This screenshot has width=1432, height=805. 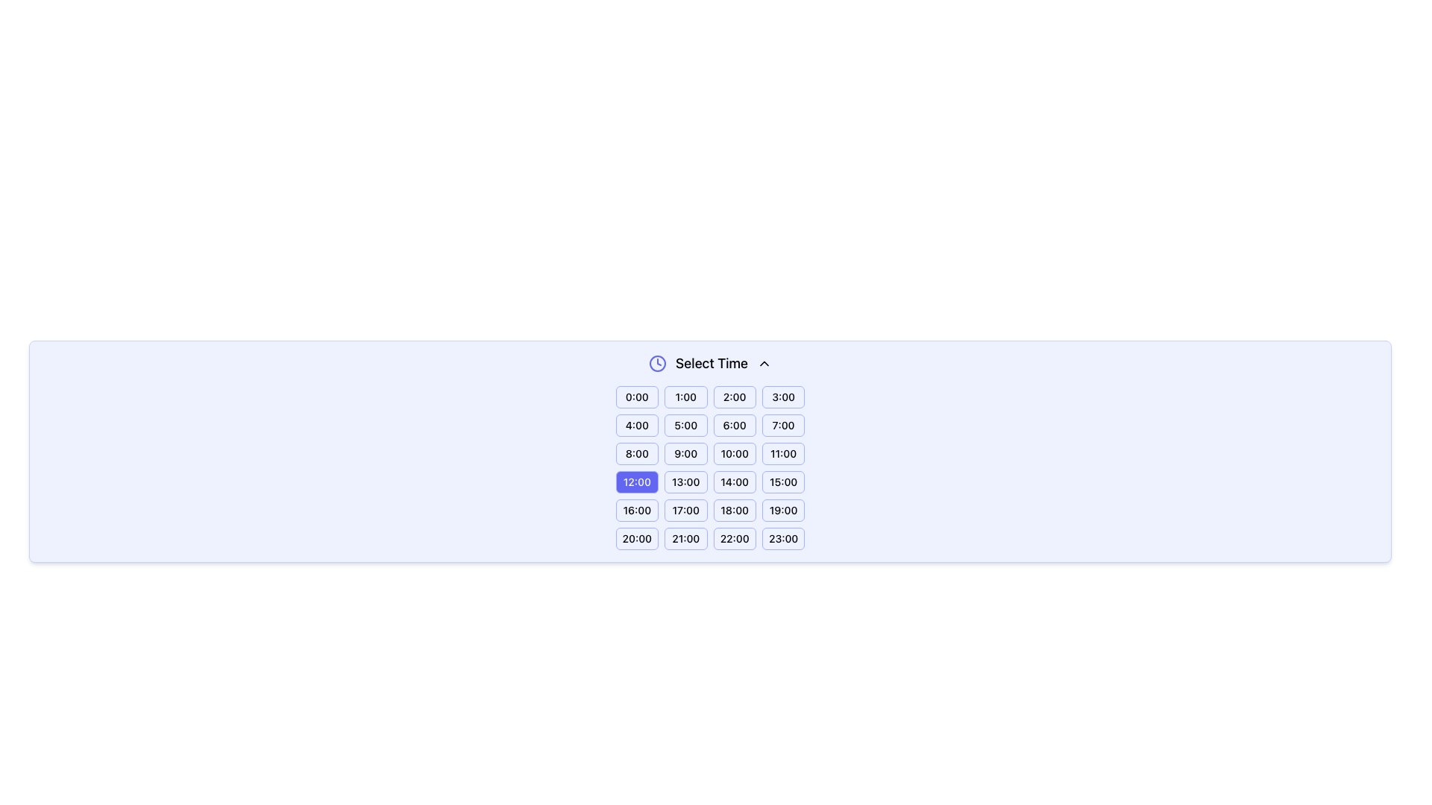 What do you see at coordinates (782, 482) in the screenshot?
I see `the selectable button for the time slot '15:00' to trigger hover effects` at bounding box center [782, 482].